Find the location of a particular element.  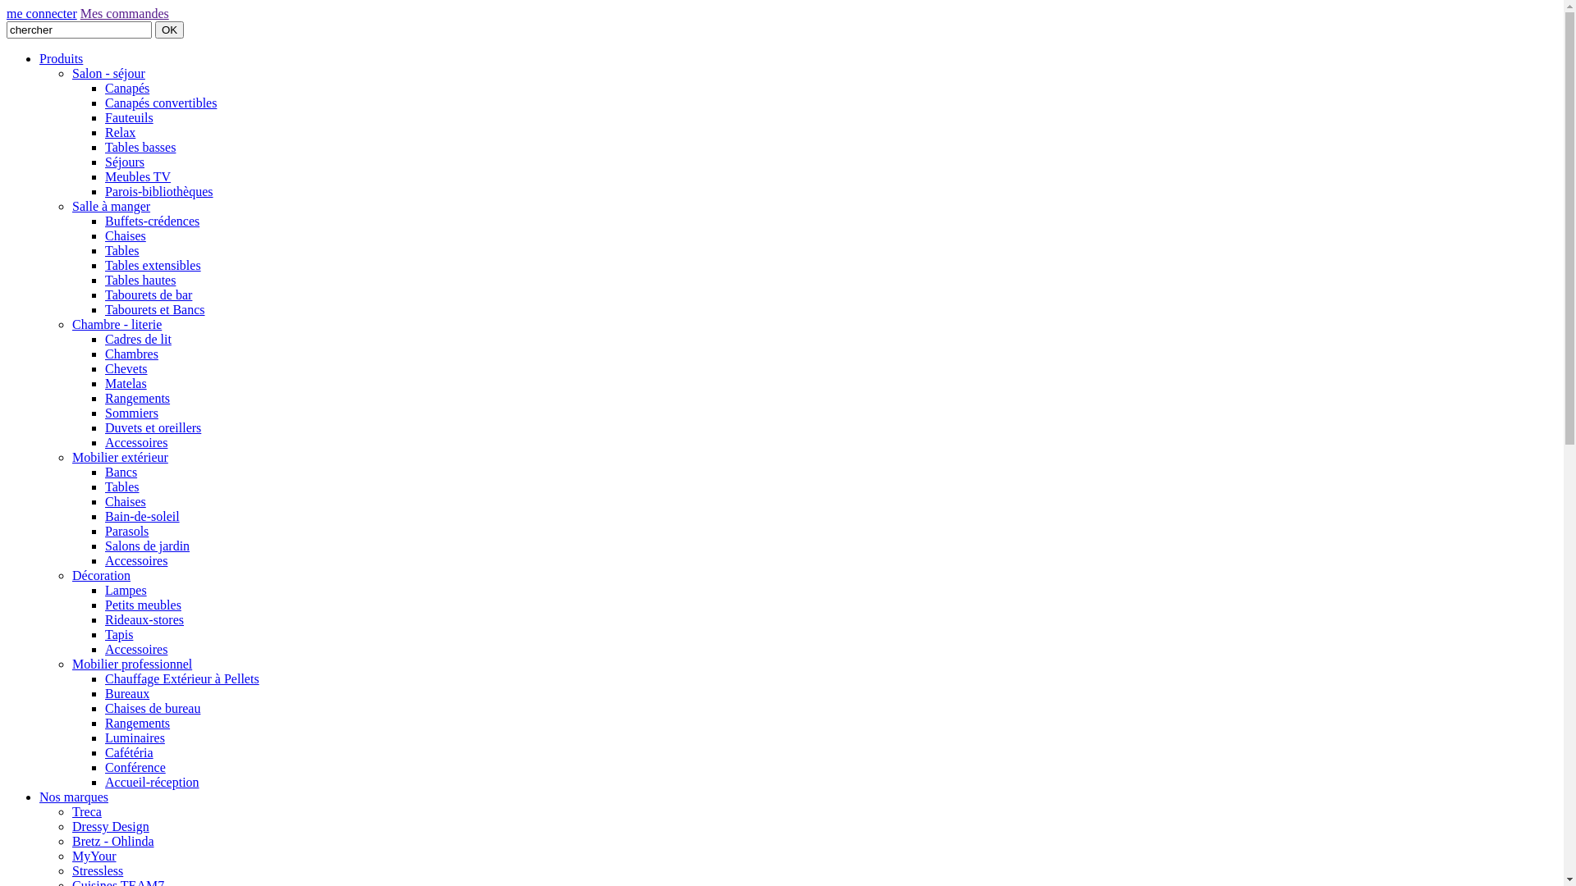

'Bain-de-soleil' is located at coordinates (142, 515).